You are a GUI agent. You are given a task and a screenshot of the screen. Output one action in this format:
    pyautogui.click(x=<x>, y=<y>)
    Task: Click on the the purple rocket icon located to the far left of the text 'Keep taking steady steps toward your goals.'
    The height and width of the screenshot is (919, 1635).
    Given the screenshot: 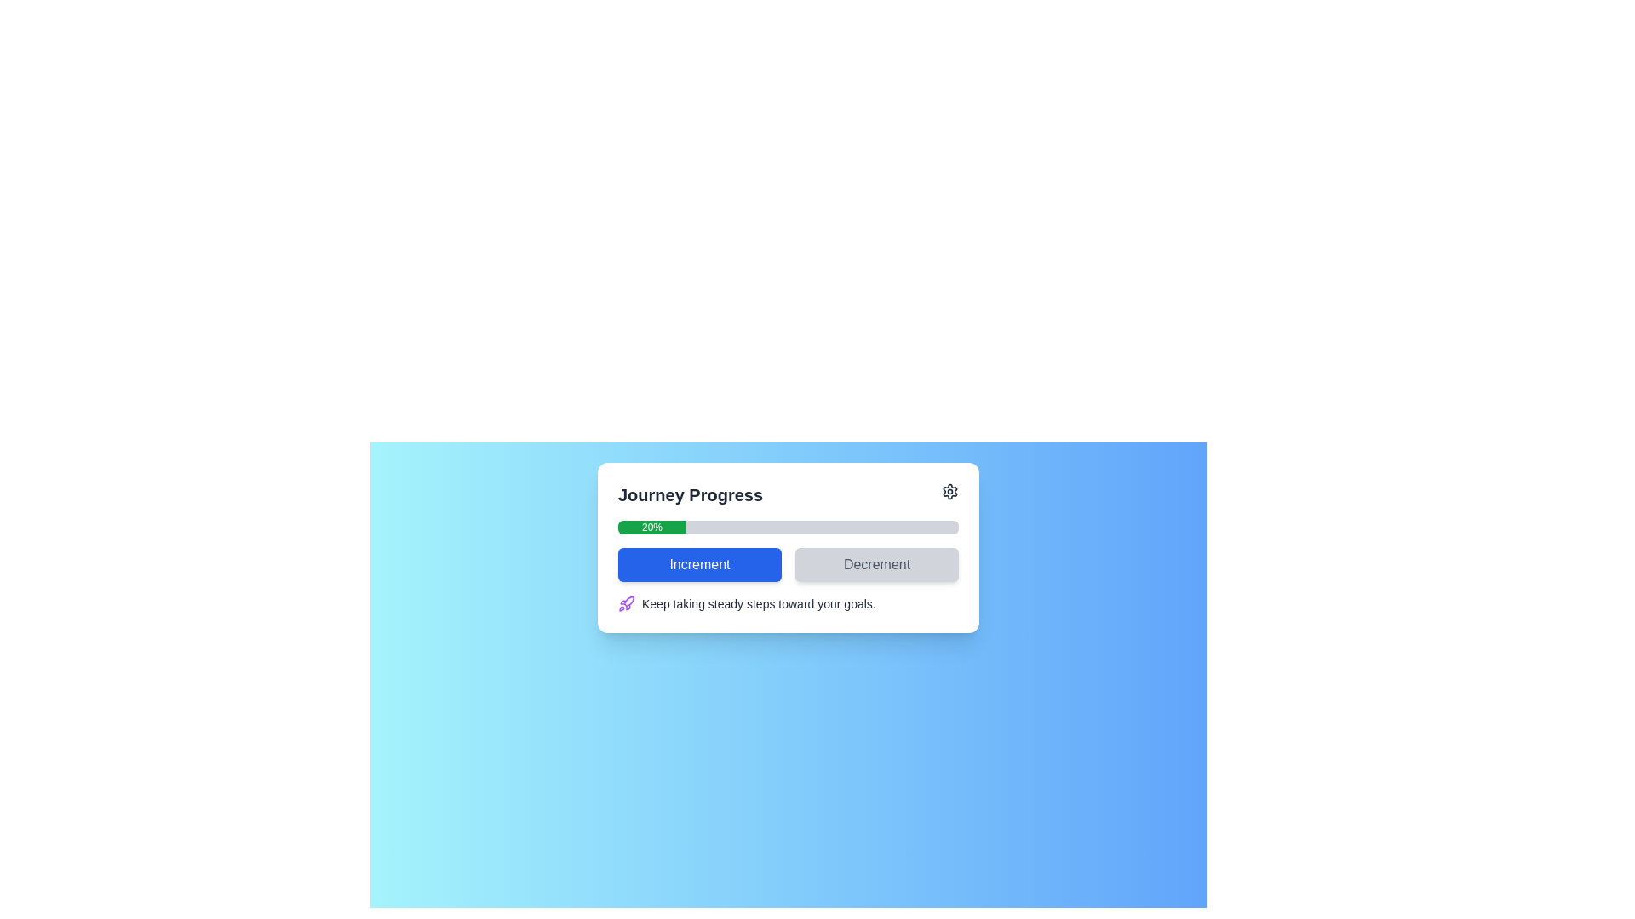 What is the action you would take?
    pyautogui.click(x=625, y=602)
    